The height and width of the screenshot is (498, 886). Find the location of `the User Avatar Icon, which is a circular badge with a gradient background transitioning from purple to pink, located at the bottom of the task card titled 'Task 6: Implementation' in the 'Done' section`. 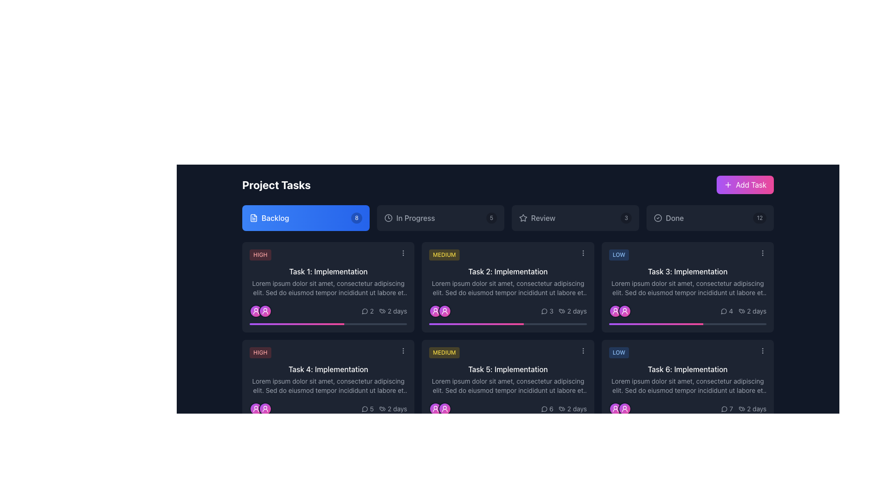

the User Avatar Icon, which is a circular badge with a gradient background transitioning from purple to pink, located at the bottom of the task card titled 'Task 6: Implementation' in the 'Done' section is located at coordinates (624, 409).